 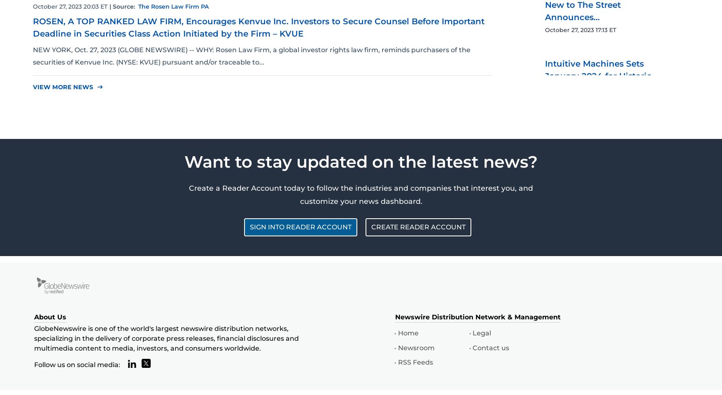 What do you see at coordinates (415, 347) in the screenshot?
I see `'Newsroom'` at bounding box center [415, 347].